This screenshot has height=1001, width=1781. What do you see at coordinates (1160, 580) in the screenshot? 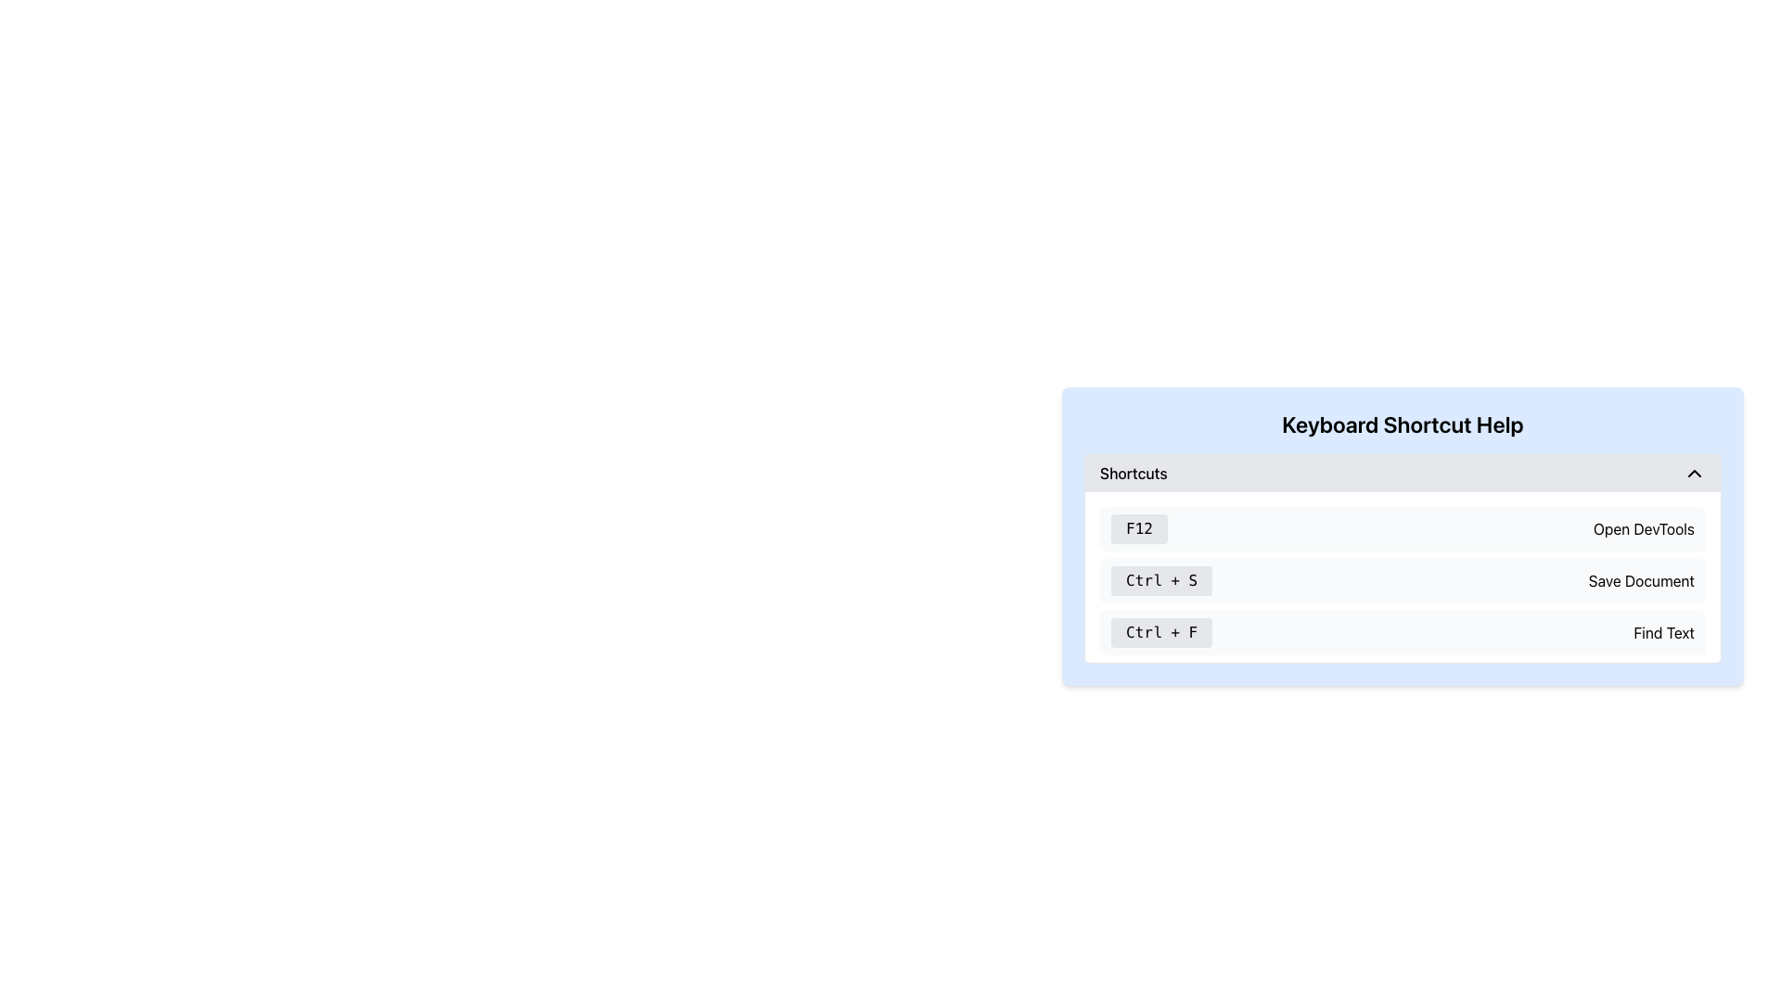
I see `the Text Label displaying 'Ctrl + S' which is located under the 'Keyboard Shortcut Help' heading and aligned left of 'Save Document'` at bounding box center [1160, 580].